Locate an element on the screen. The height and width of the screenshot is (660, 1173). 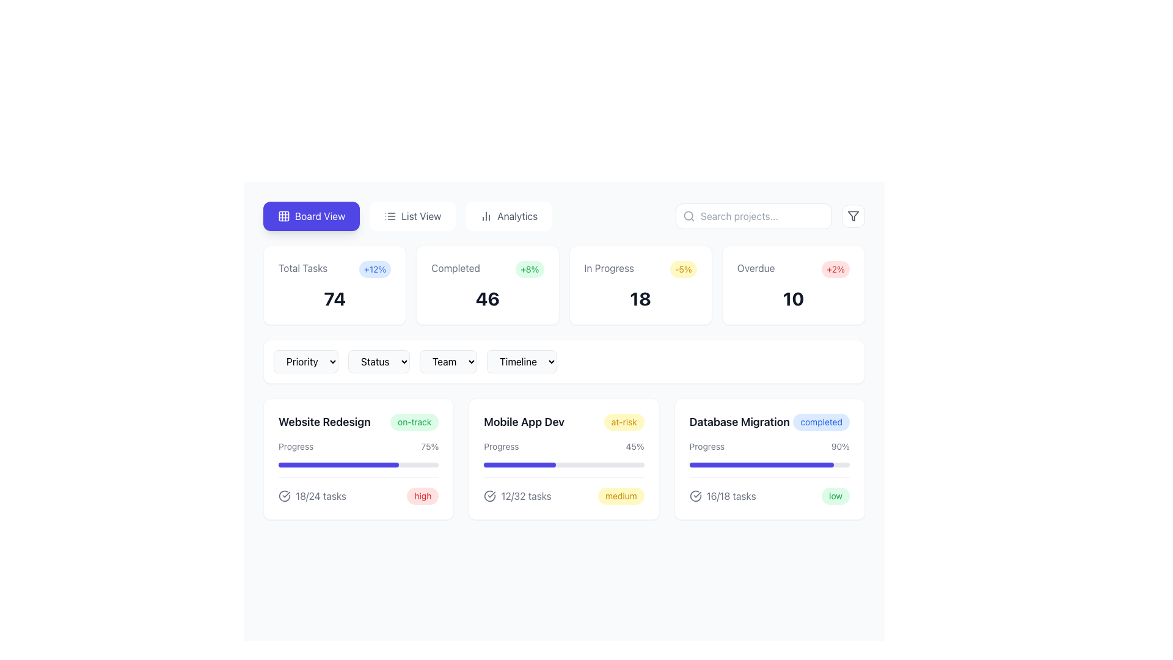
the horizontal progress bar that indicates the progress percentage of tasks in the 'Mobile App Dev' project card, located below the 'Progress 45%' text is located at coordinates (563, 464).